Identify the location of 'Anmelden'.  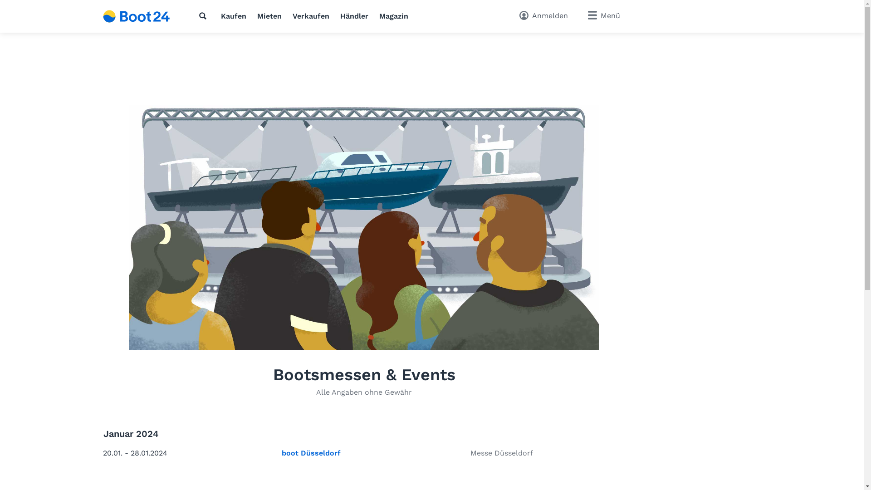
(543, 16).